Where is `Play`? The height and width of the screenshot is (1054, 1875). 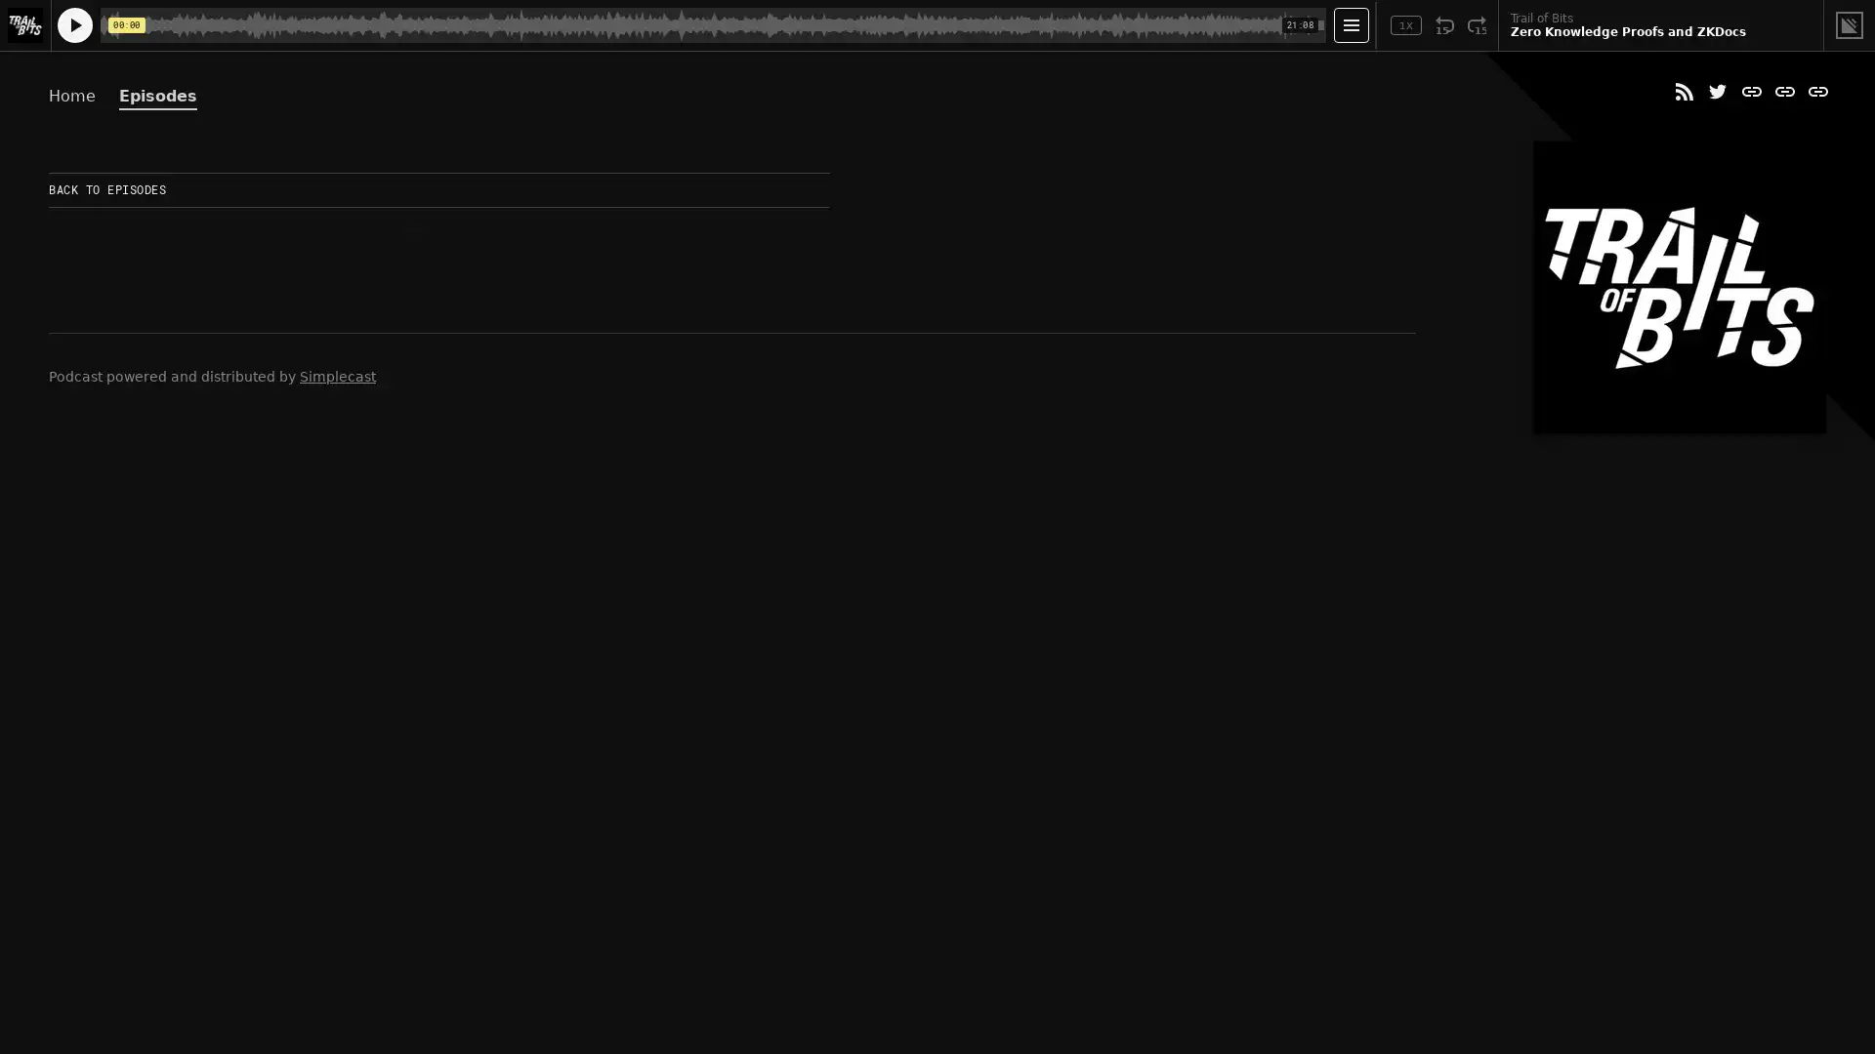 Play is located at coordinates (248, 262).